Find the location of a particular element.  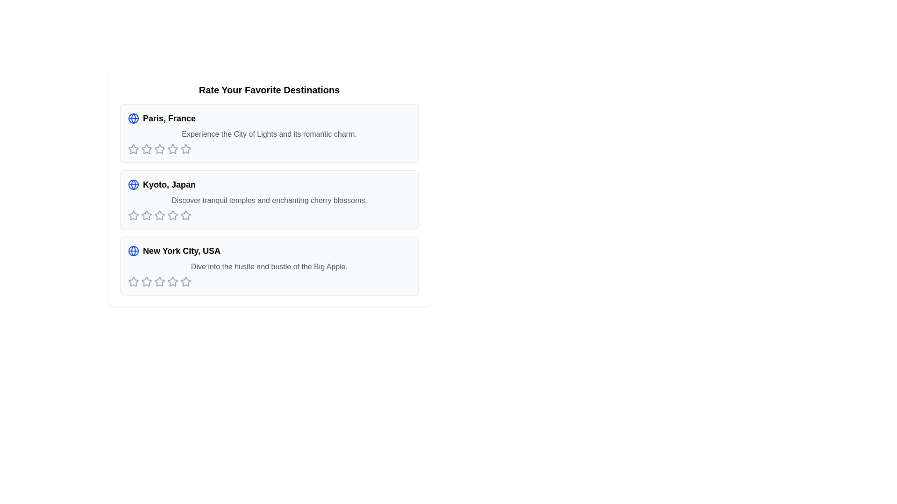

the second star in the 5-star rating system for 'New York City, USA' is located at coordinates (159, 281).